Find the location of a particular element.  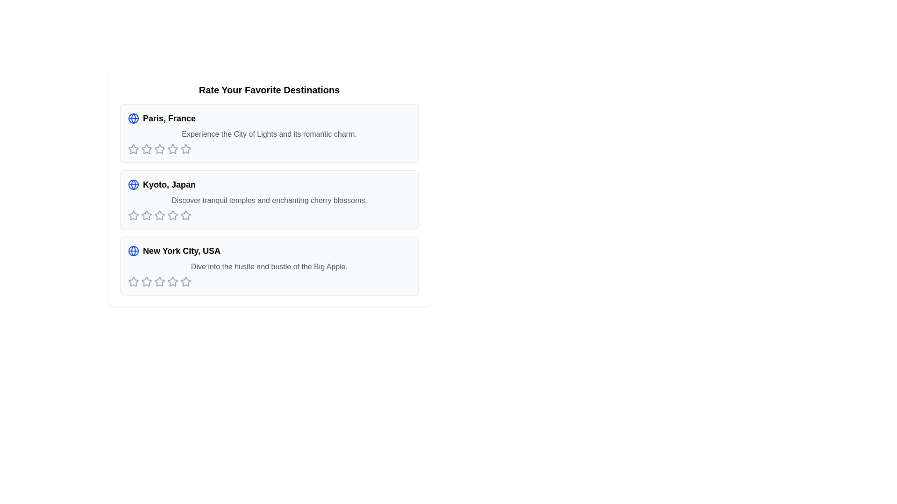

the second star in the 5-star rating system for 'New York City, USA' is located at coordinates (159, 281).